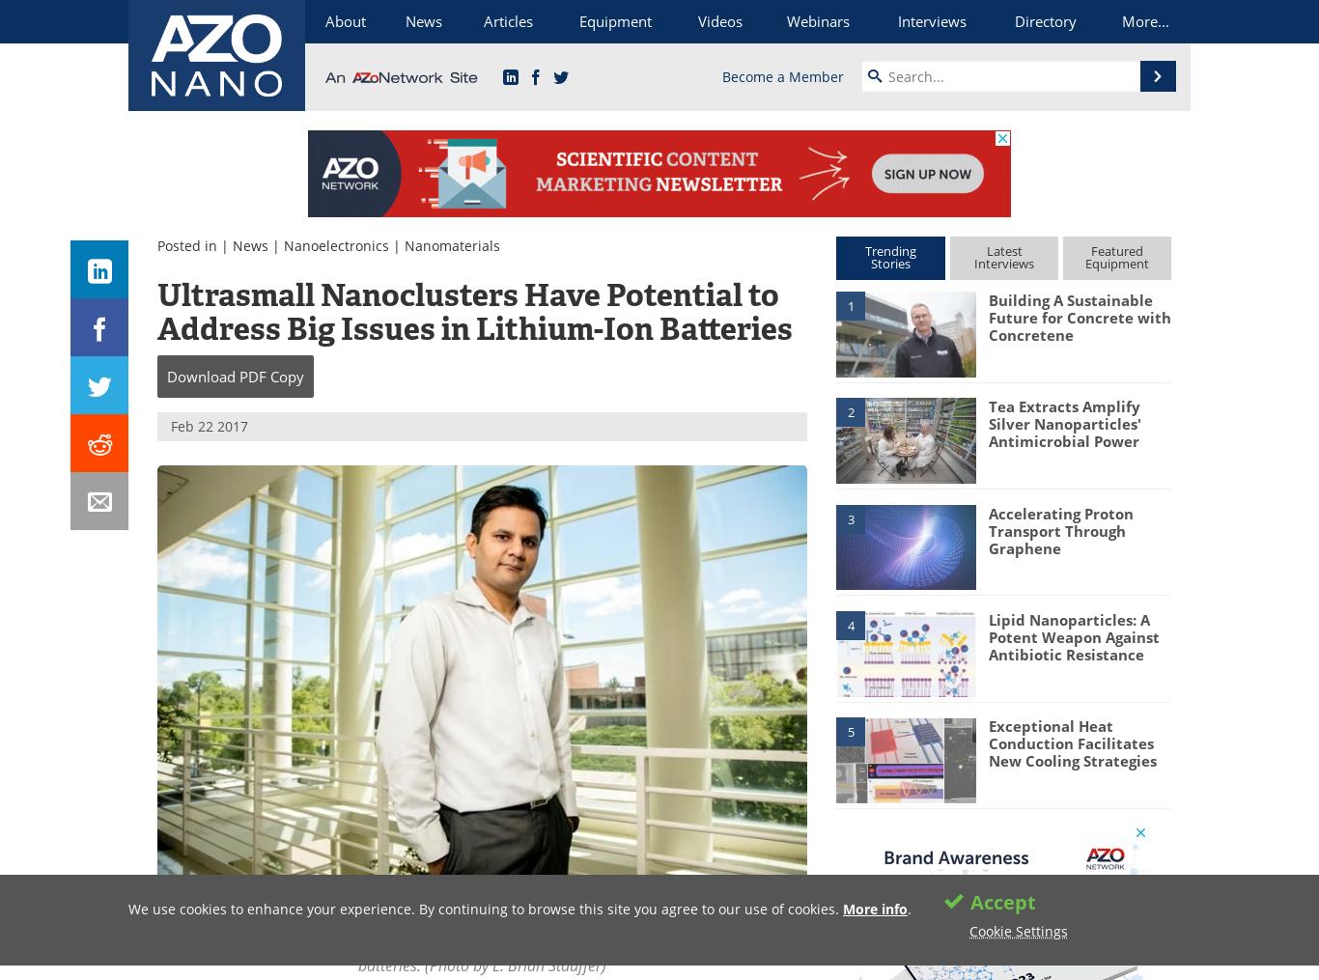  Describe the element at coordinates (781, 75) in the screenshot. I see `'Become a Member'` at that location.